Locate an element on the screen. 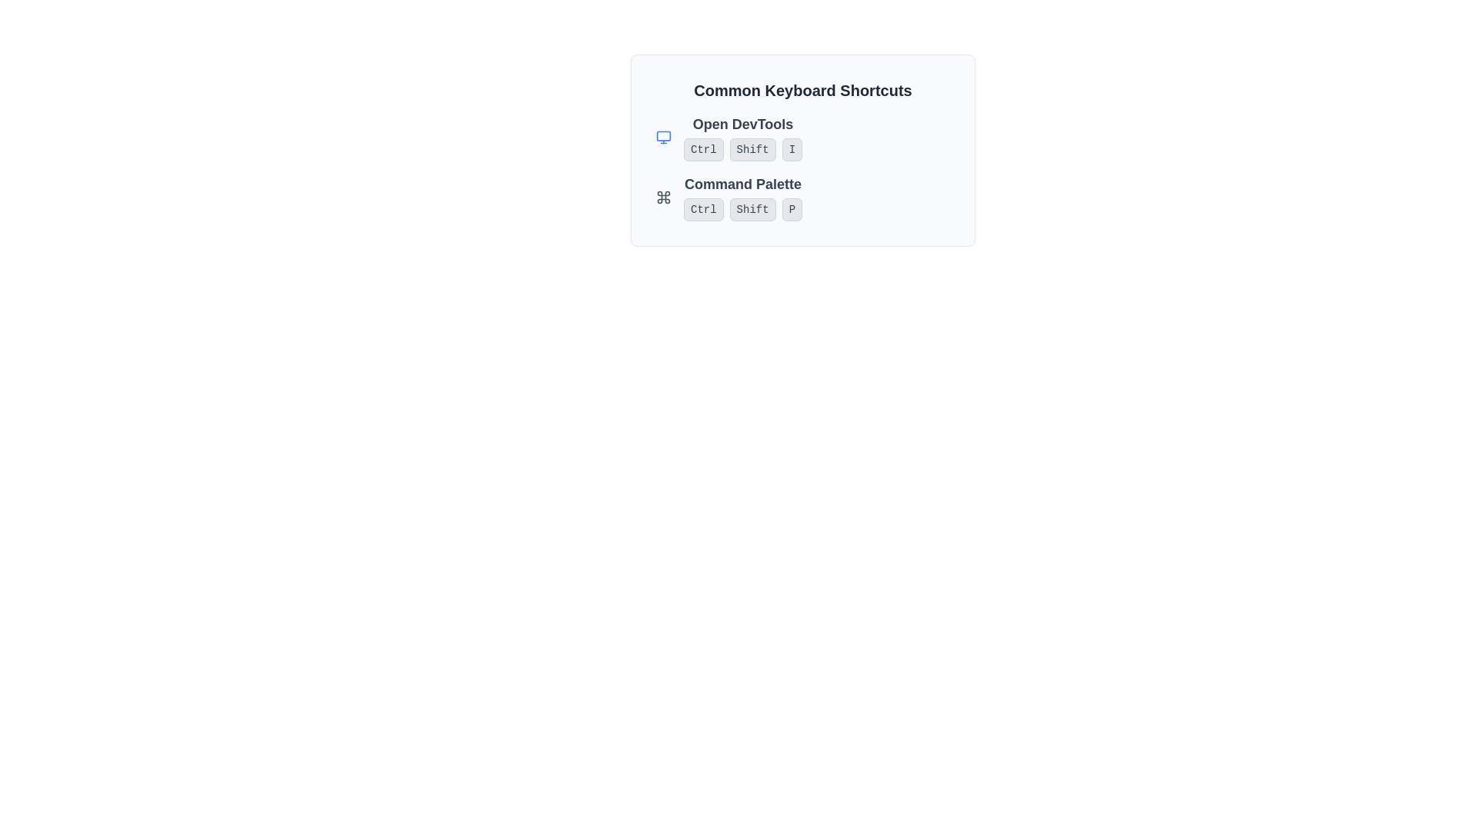 This screenshot has width=1477, height=830. the icon that visually identifies the 'Open DevTools' functionality, which is located adjacent to the 'Open DevTools' keyboard shortcut label is located at coordinates (664, 136).